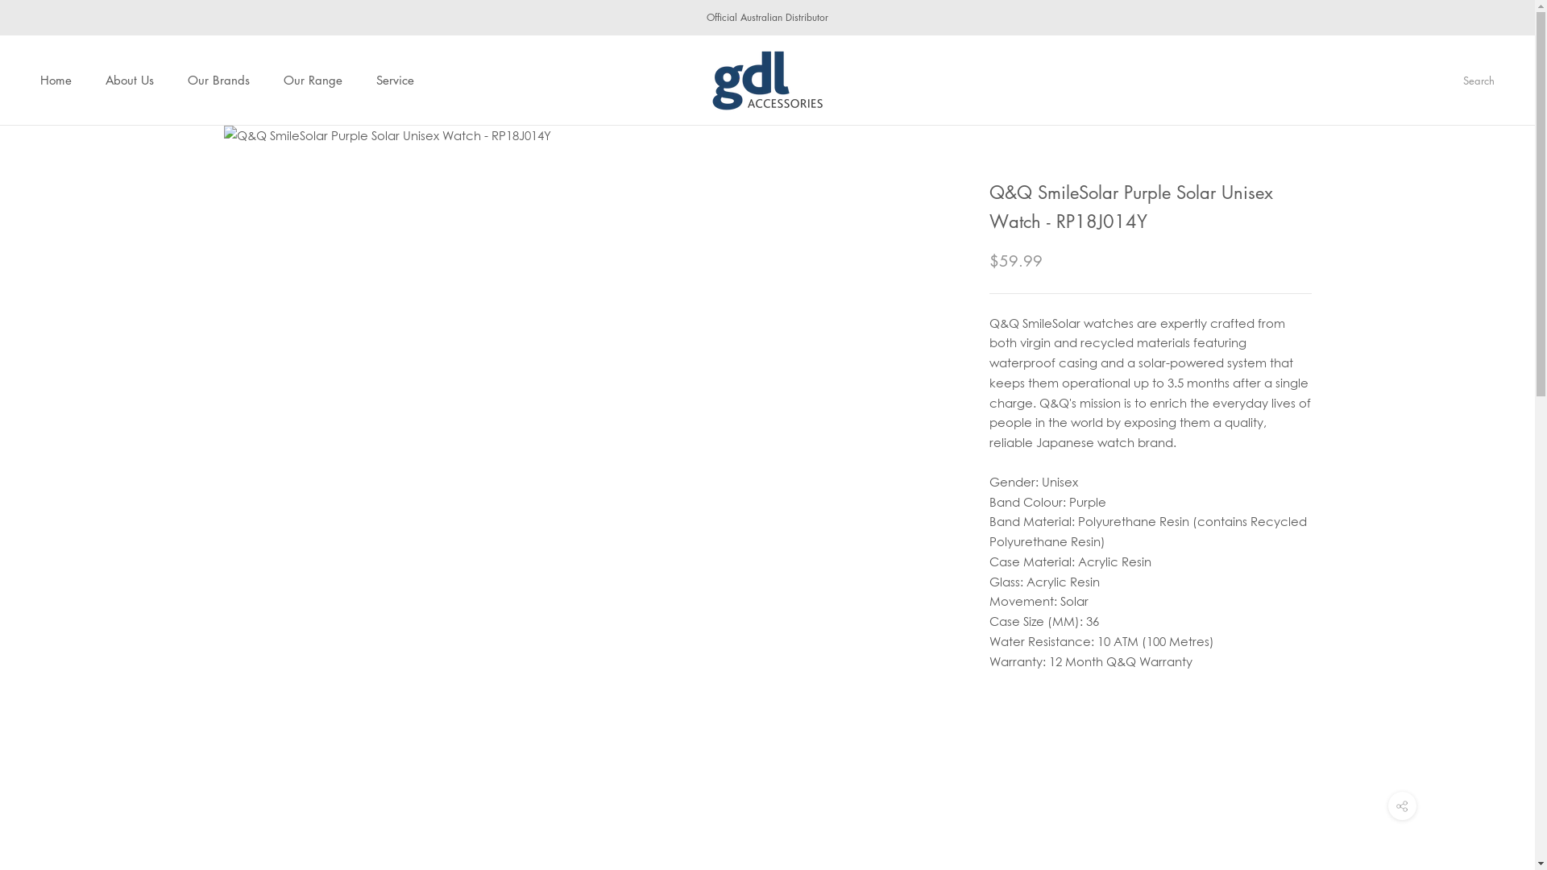 This screenshot has width=1547, height=870. What do you see at coordinates (395, 80) in the screenshot?
I see `'Service` at bounding box center [395, 80].